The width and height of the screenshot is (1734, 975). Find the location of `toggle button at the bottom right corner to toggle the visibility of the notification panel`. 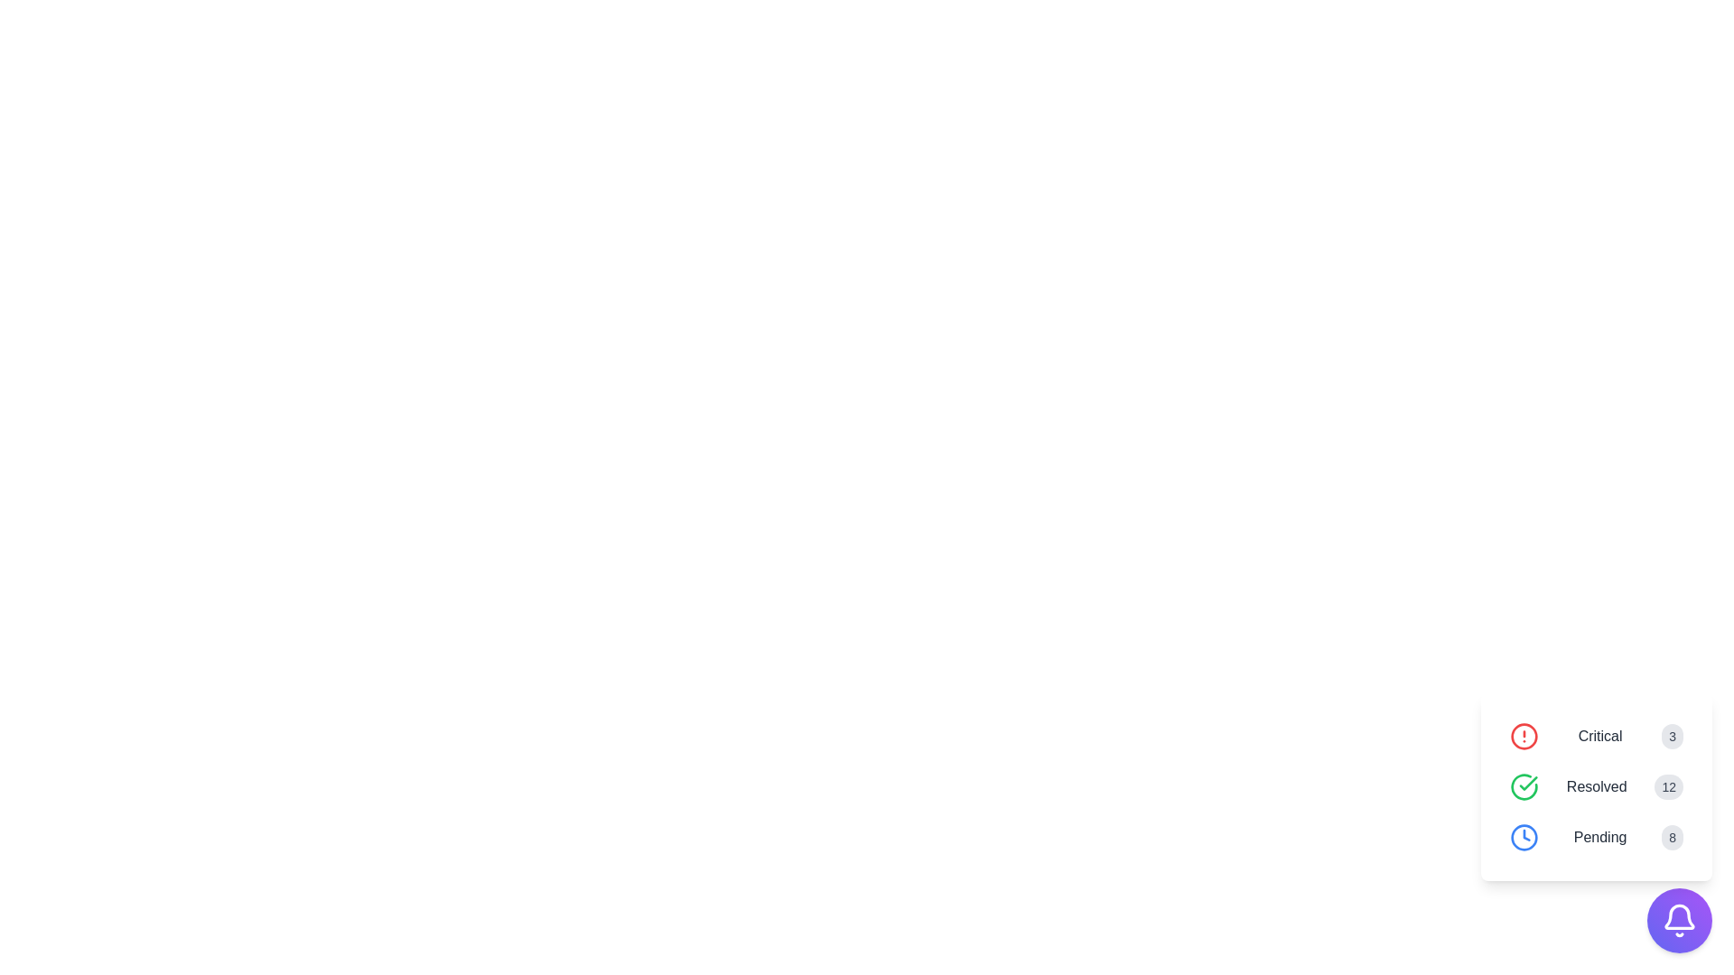

toggle button at the bottom right corner to toggle the visibility of the notification panel is located at coordinates (1679, 920).